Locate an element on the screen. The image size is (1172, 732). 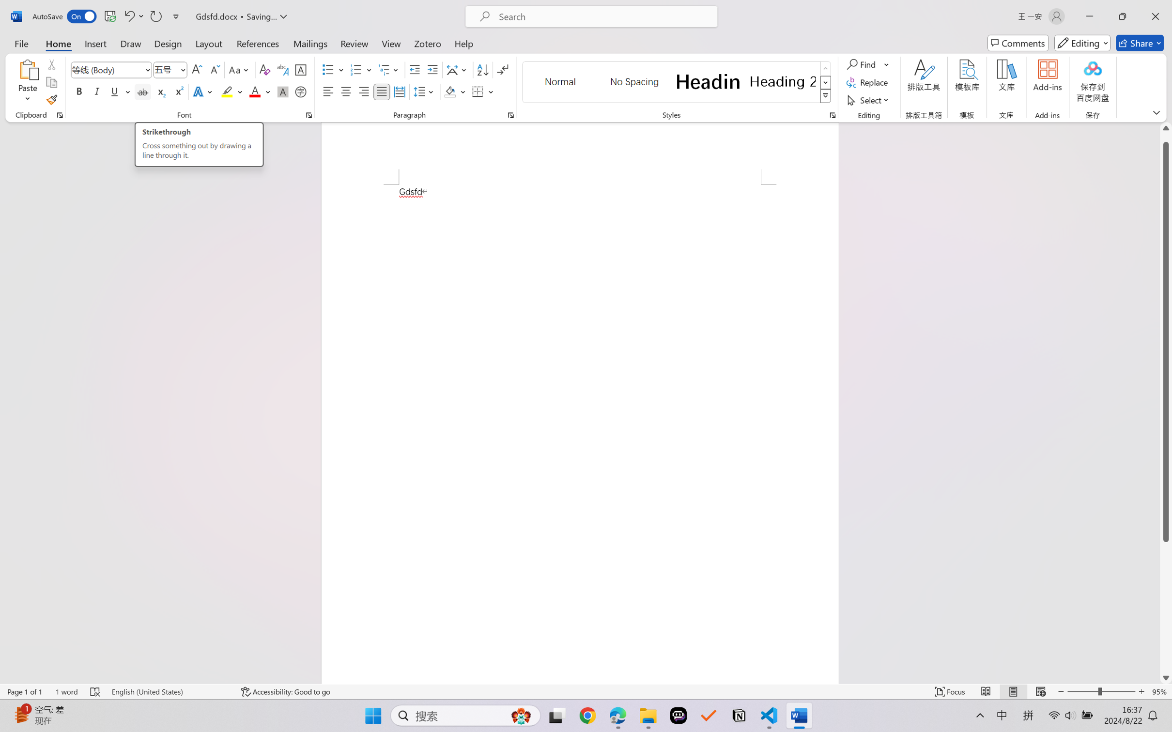
'Spelling and Grammar Check Errors' is located at coordinates (95, 691).